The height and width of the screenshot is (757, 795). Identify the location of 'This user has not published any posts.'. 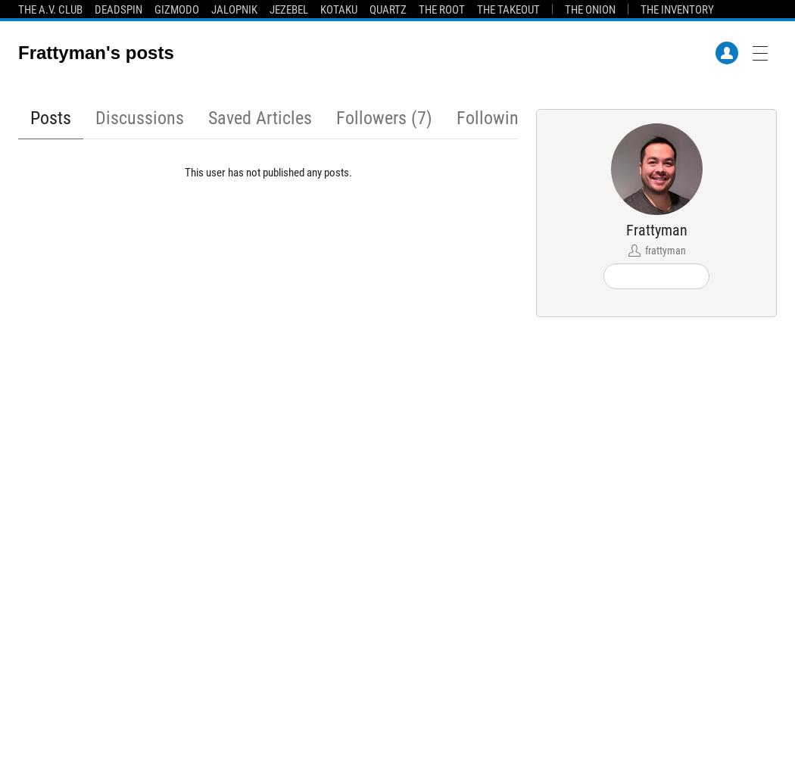
(267, 172).